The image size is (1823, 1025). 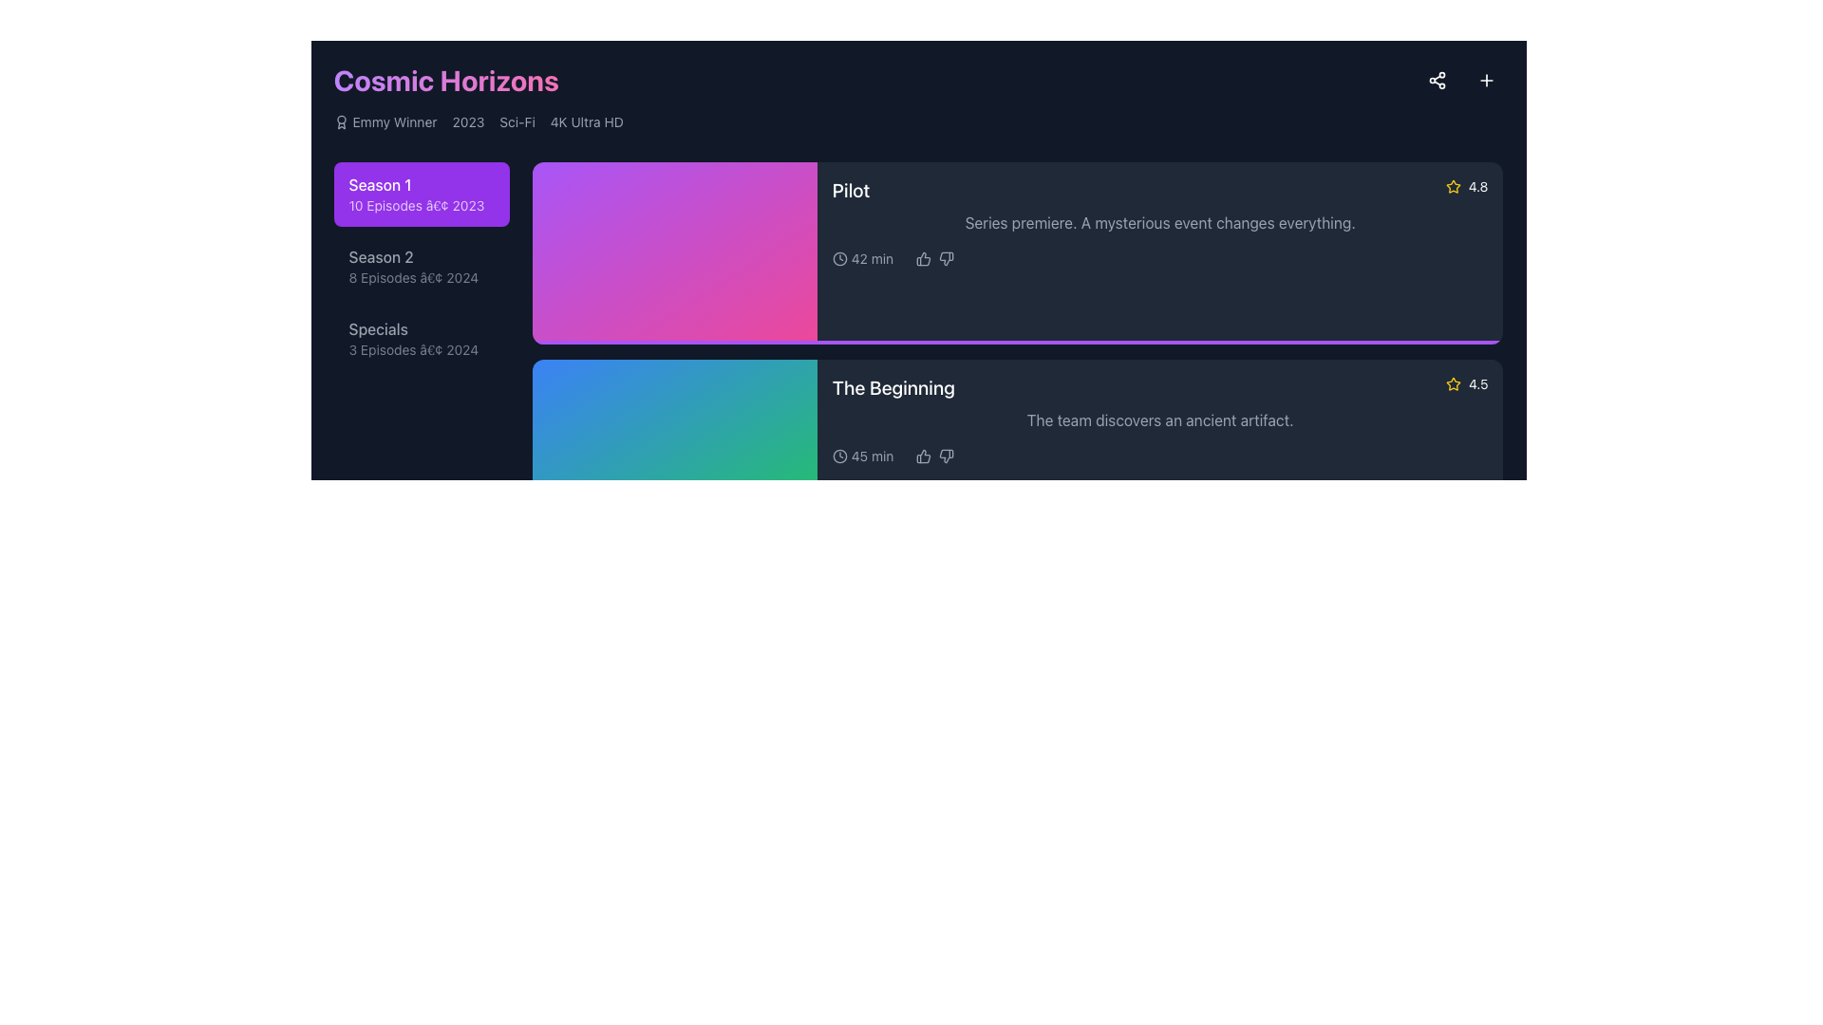 What do you see at coordinates (947, 457) in the screenshot?
I see `the Thumbs-Down icon` at bounding box center [947, 457].